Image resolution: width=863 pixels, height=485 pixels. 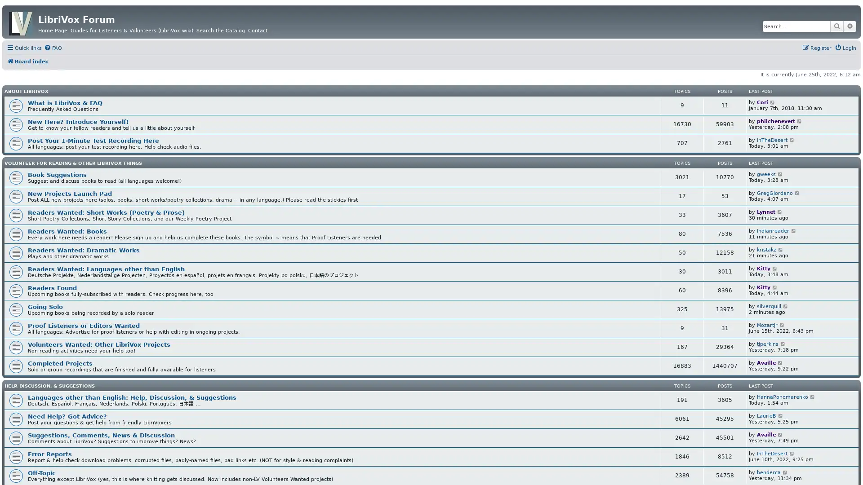 I want to click on Search, so click(x=836, y=26).